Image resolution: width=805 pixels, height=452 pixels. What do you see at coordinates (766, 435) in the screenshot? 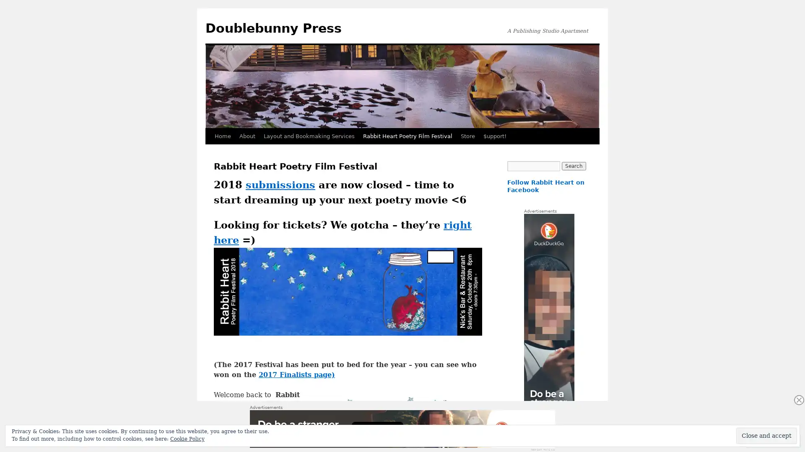
I see `Close and accept` at bounding box center [766, 435].